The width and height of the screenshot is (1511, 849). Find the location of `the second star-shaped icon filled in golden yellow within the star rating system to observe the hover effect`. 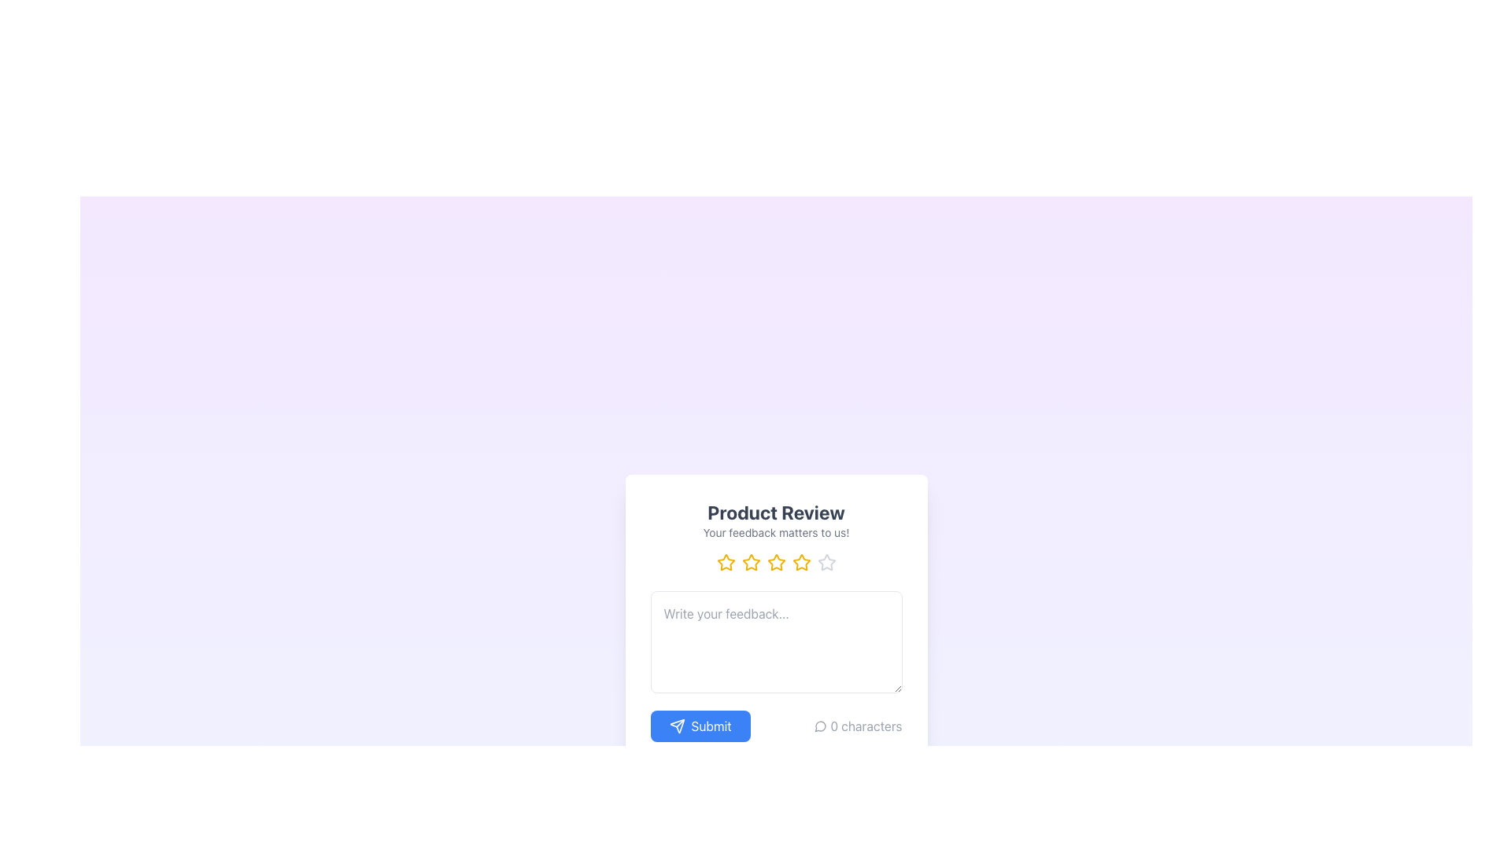

the second star-shaped icon filled in golden yellow within the star rating system to observe the hover effect is located at coordinates (725, 561).